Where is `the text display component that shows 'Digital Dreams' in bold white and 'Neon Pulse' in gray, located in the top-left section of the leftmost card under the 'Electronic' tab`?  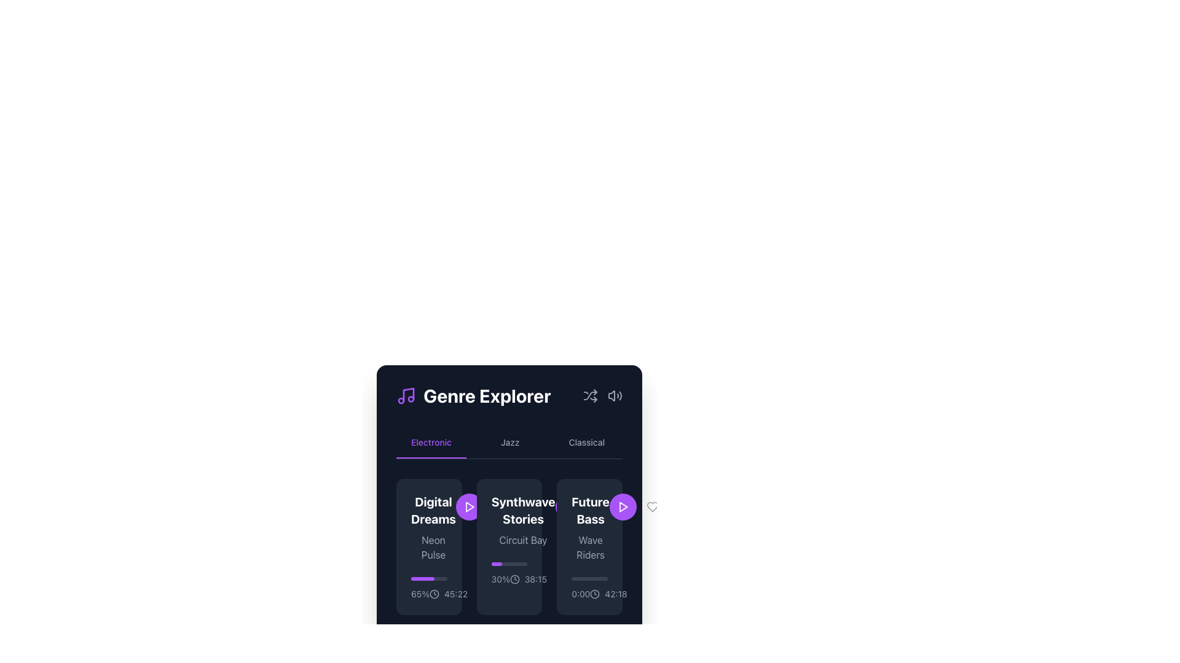 the text display component that shows 'Digital Dreams' in bold white and 'Neon Pulse' in gray, located in the top-left section of the leftmost card under the 'Electronic' tab is located at coordinates (433, 527).